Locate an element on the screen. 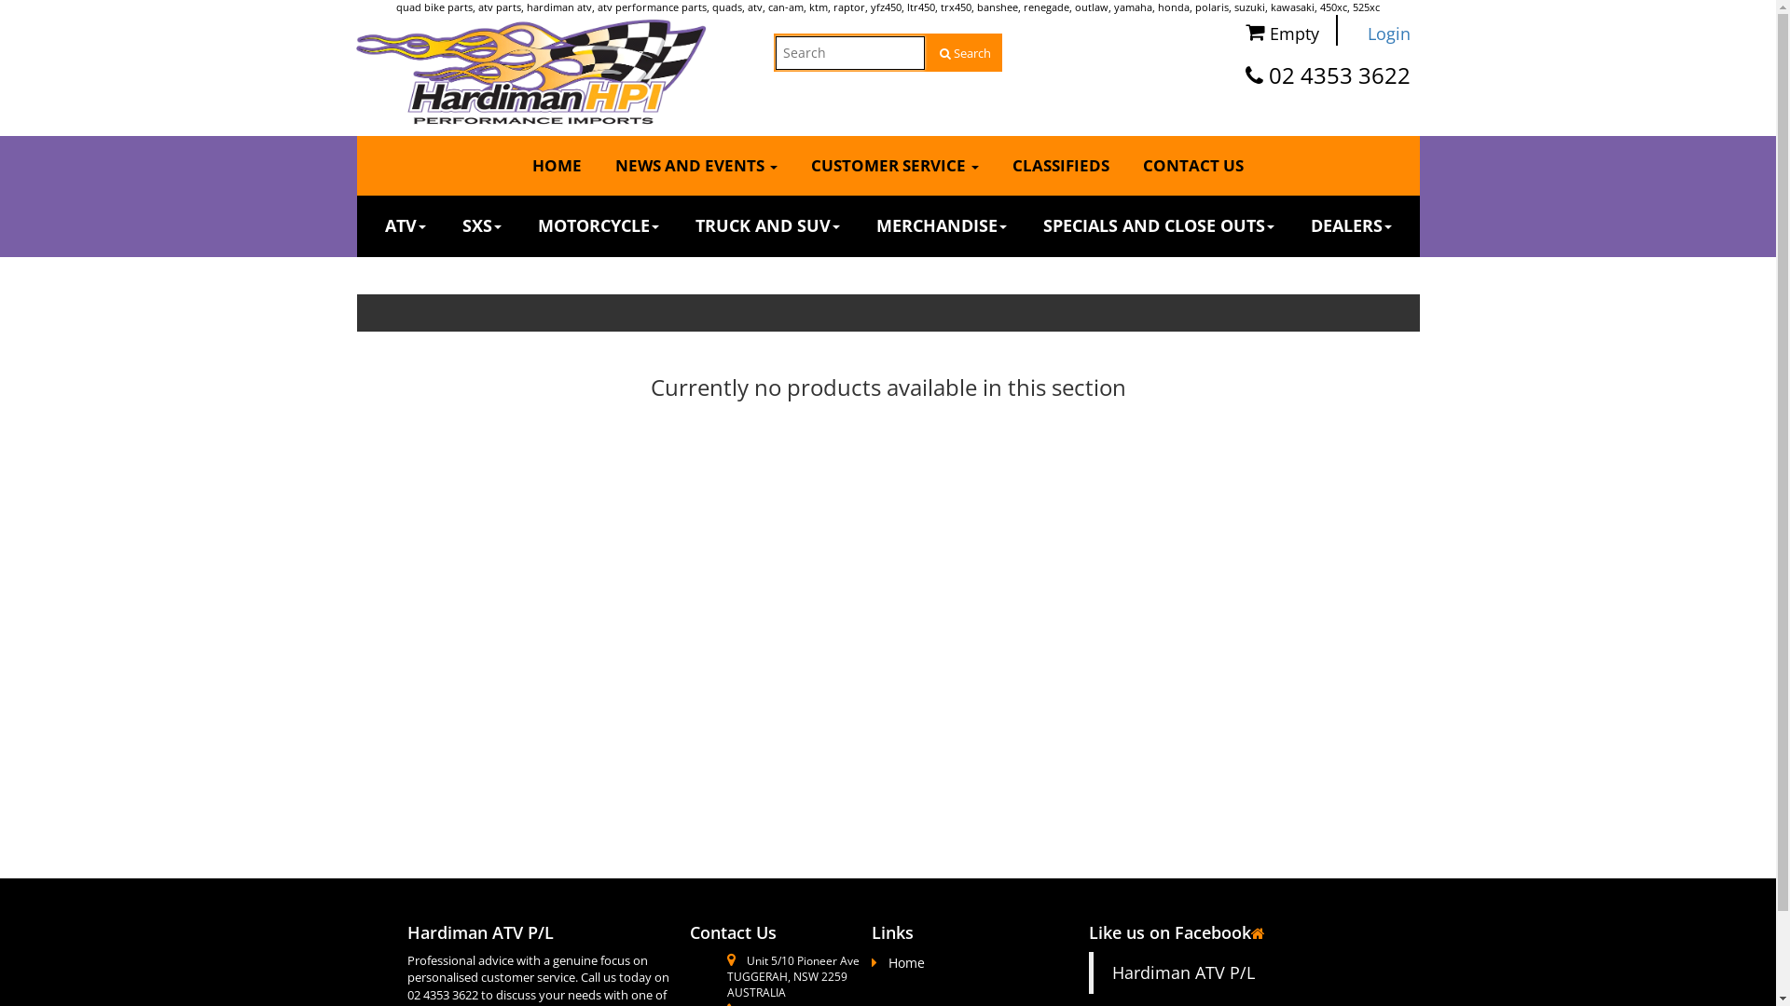 The image size is (1790, 1006). 'Search' is located at coordinates (965, 52).